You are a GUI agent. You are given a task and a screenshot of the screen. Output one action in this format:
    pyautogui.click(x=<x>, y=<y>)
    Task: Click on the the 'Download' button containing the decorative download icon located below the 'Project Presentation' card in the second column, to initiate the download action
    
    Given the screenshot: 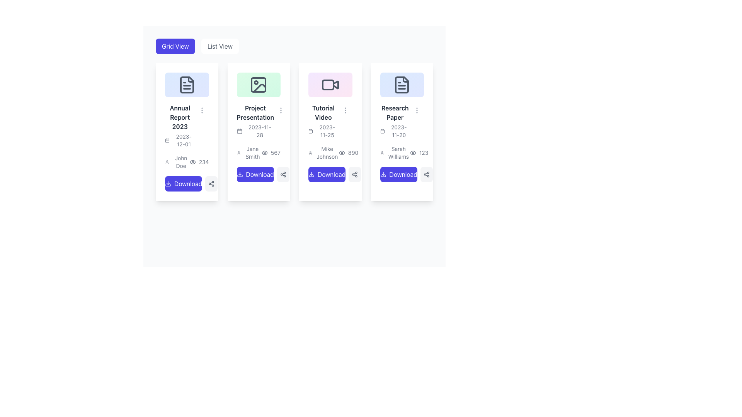 What is the action you would take?
    pyautogui.click(x=239, y=174)
    